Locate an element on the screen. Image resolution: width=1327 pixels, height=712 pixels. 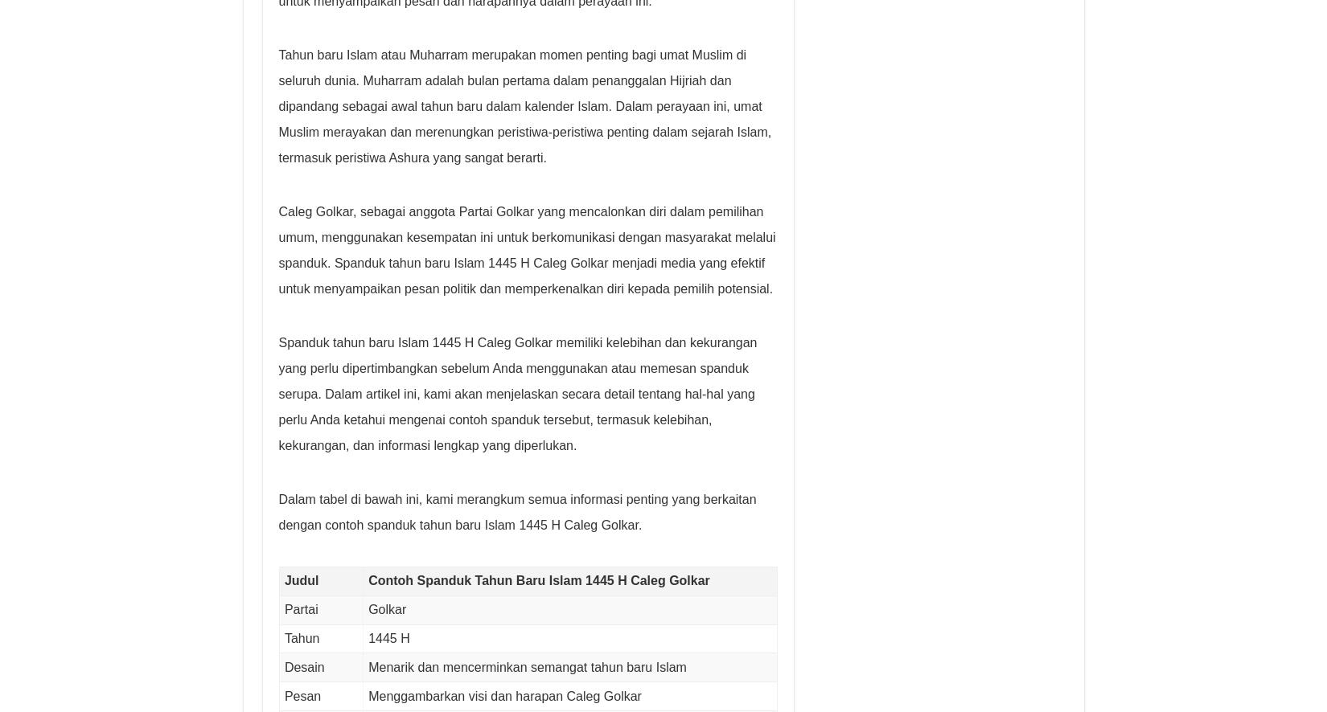
'Caleg Golkar, sebagai anggota Partai Golkar yang mencalonkan diri dalam pemilihan umum, menggunakan kesempatan ini untuk berkomunikasi dengan masyarakat melalui spanduk. Spanduk tahun baru Islam 1445 H Caleg Golkar menjadi media yang efektif untuk menyampaikan pesan politik dan memperkenalkan diri kepada pemilih potensial.' is located at coordinates (526, 249).